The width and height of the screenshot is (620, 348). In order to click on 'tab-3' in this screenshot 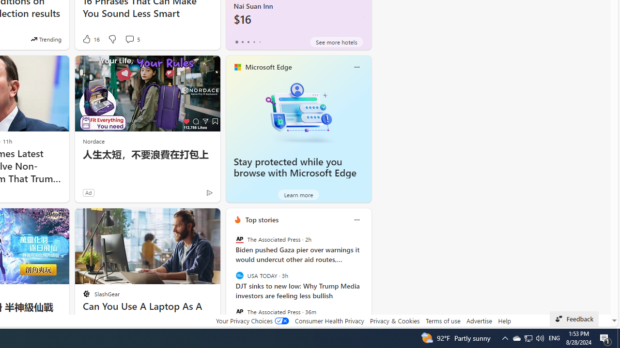, I will do `click(254, 42)`.